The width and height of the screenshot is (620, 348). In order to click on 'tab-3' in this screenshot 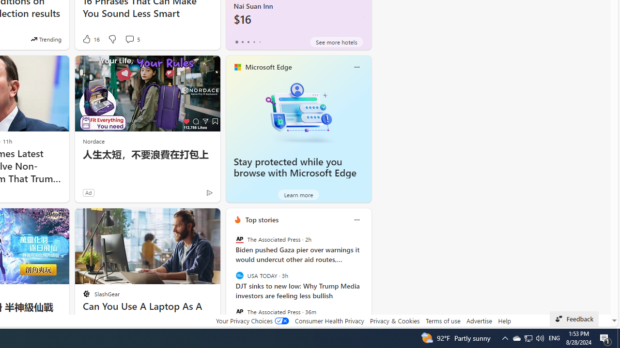, I will do `click(254, 42)`.